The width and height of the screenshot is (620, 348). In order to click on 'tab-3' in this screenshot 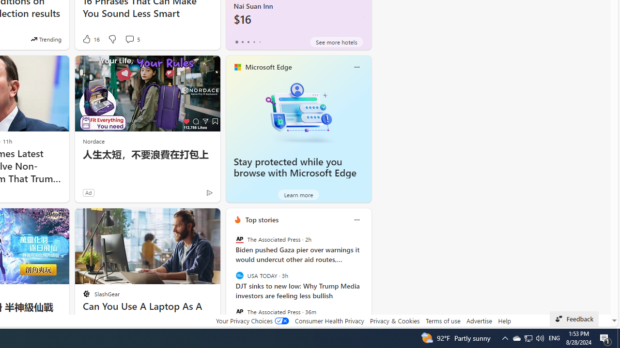, I will do `click(254, 42)`.